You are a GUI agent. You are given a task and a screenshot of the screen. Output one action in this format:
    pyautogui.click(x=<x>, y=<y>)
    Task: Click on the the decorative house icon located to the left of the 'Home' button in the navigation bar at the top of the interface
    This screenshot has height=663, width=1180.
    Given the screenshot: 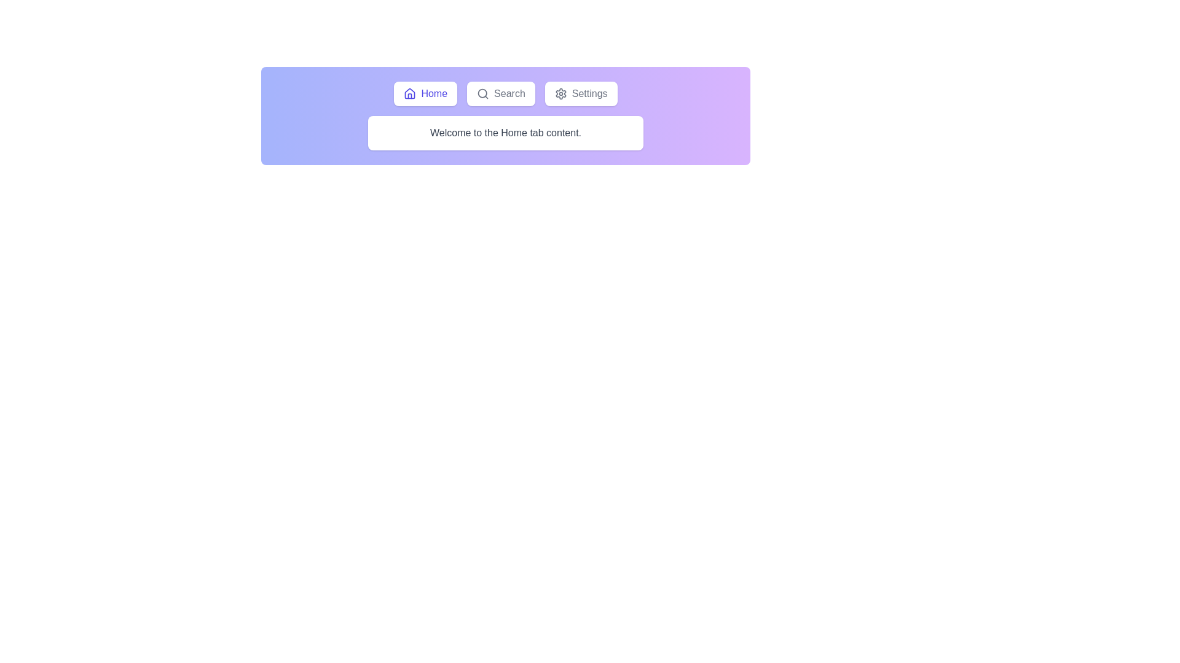 What is the action you would take?
    pyautogui.click(x=410, y=93)
    